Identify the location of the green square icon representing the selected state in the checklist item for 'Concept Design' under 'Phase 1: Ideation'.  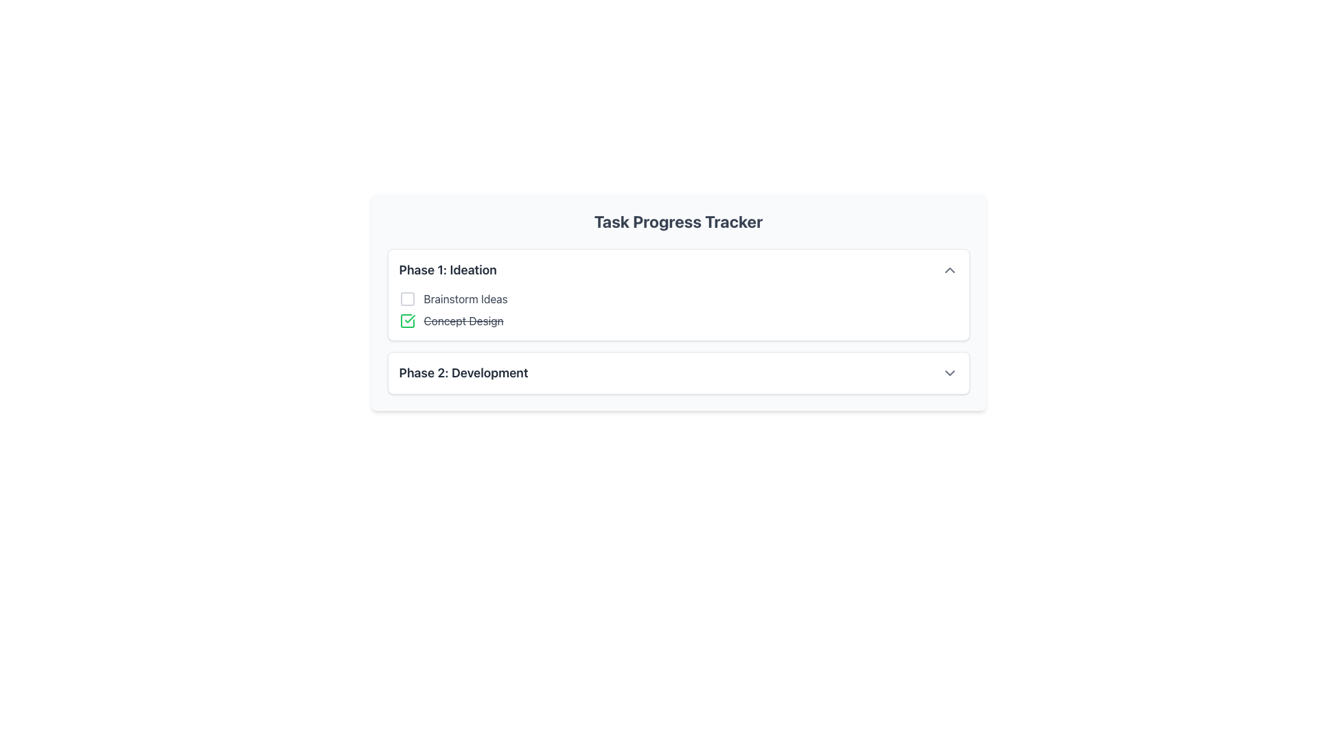
(406, 320).